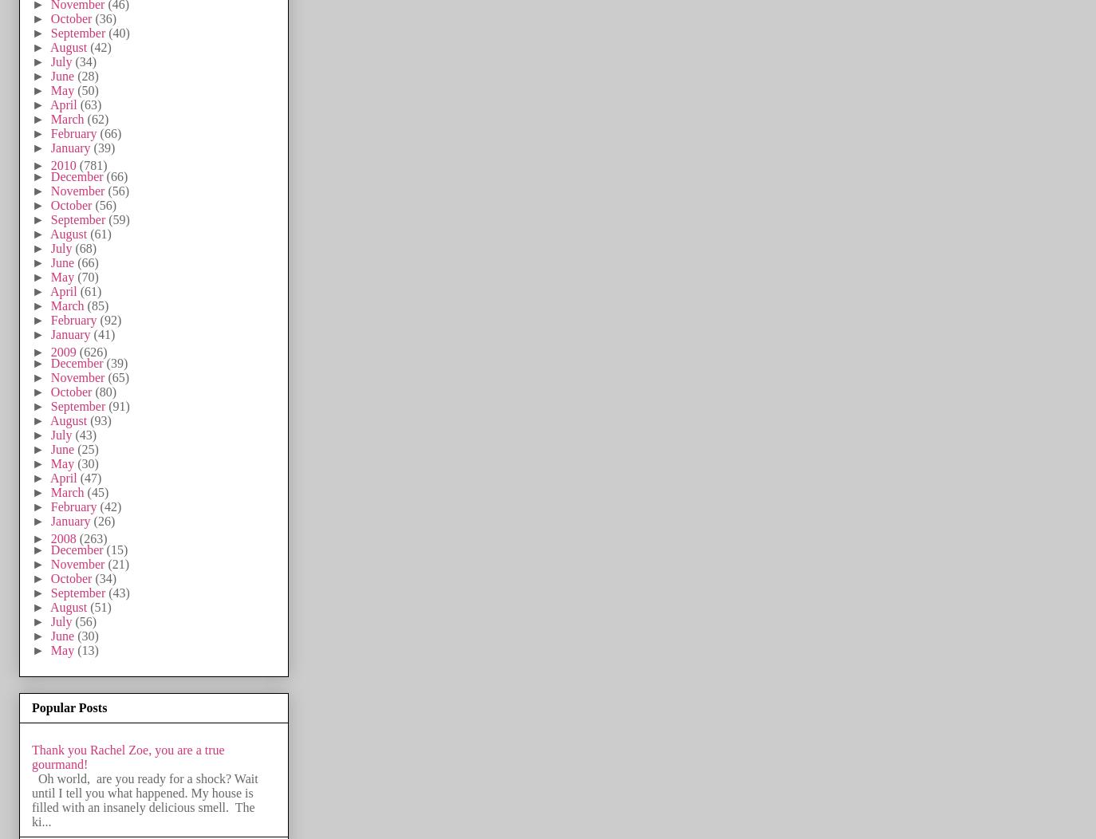 This screenshot has width=1096, height=839. I want to click on '(65)', so click(117, 376).